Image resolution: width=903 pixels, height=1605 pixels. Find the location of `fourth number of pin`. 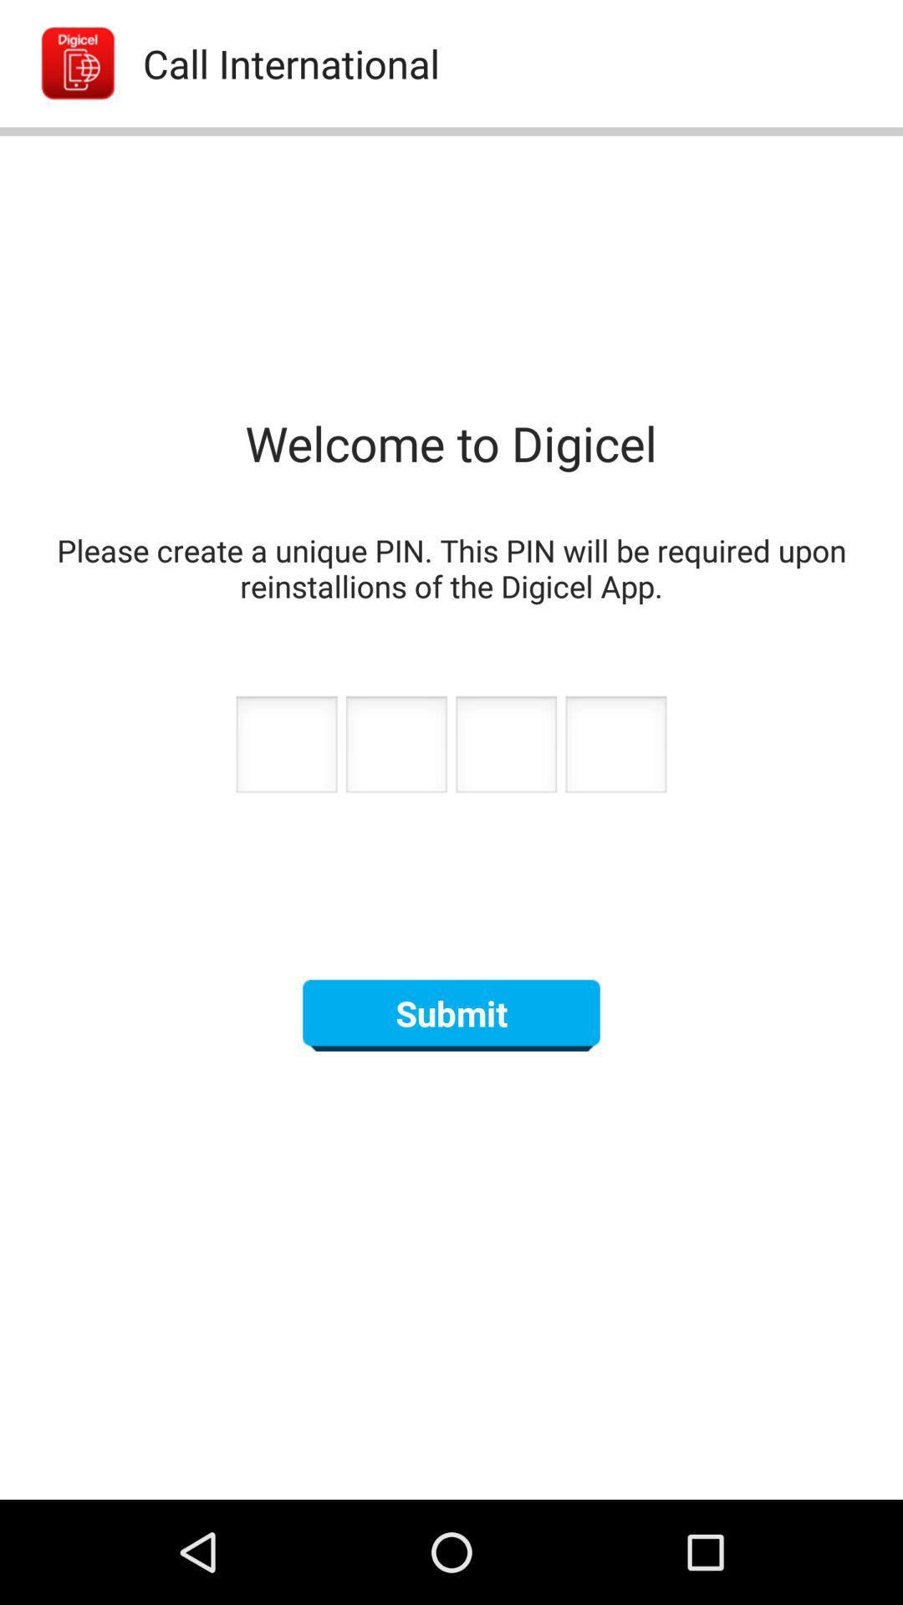

fourth number of pin is located at coordinates (615, 748).